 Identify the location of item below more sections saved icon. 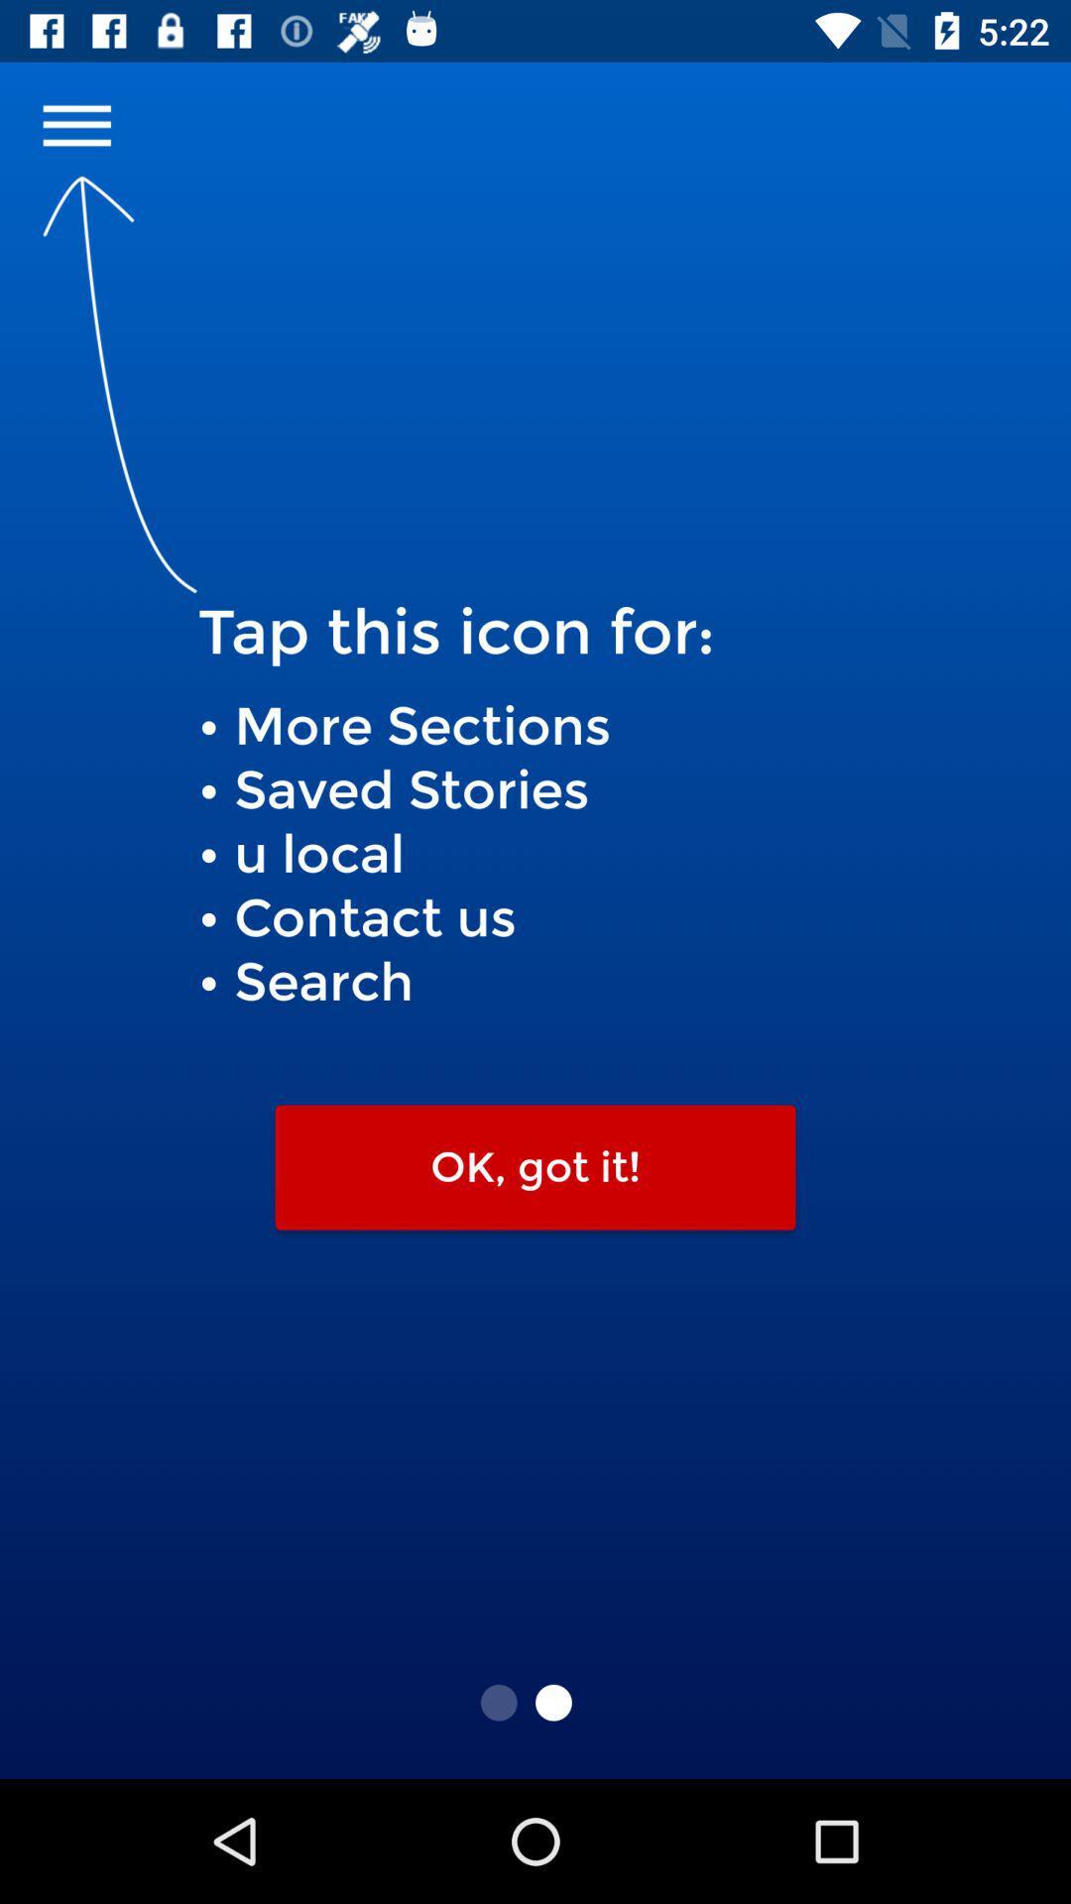
(535, 1167).